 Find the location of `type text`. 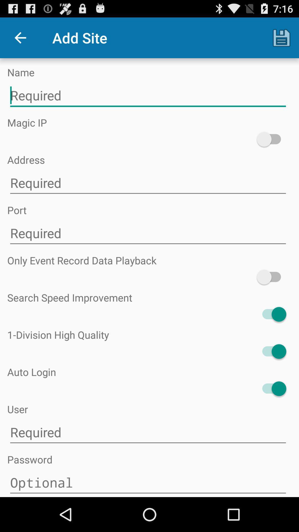

type text is located at coordinates (148, 233).